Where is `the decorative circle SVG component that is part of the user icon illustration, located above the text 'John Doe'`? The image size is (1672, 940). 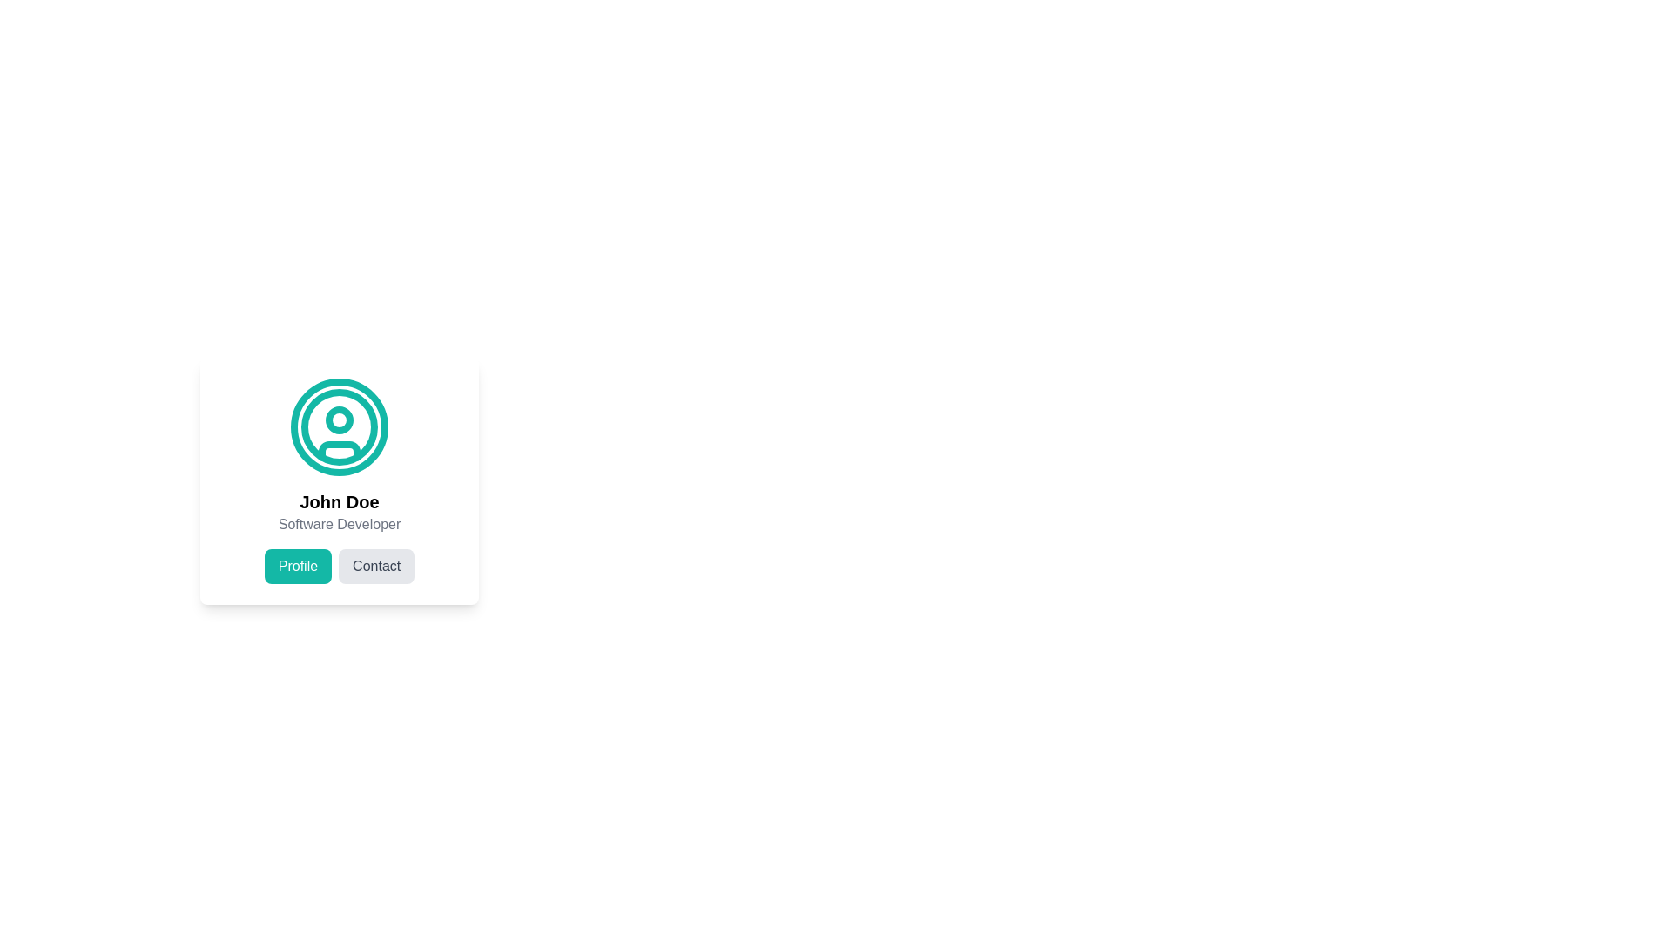
the decorative circle SVG component that is part of the user icon illustration, located above the text 'John Doe' is located at coordinates (339, 426).